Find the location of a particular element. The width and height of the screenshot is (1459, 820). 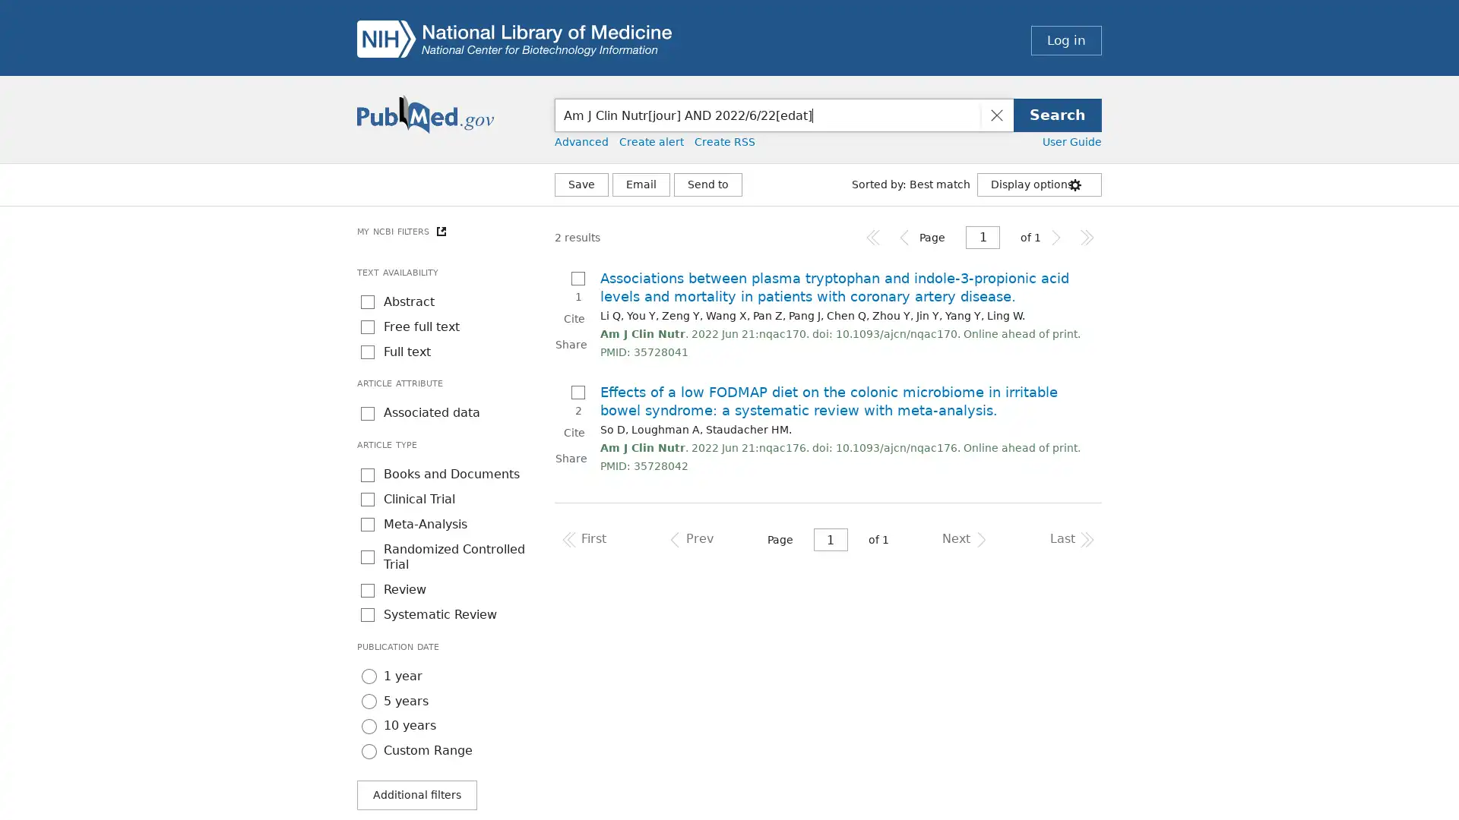

Navigates to the next page of results. is located at coordinates (962, 538).